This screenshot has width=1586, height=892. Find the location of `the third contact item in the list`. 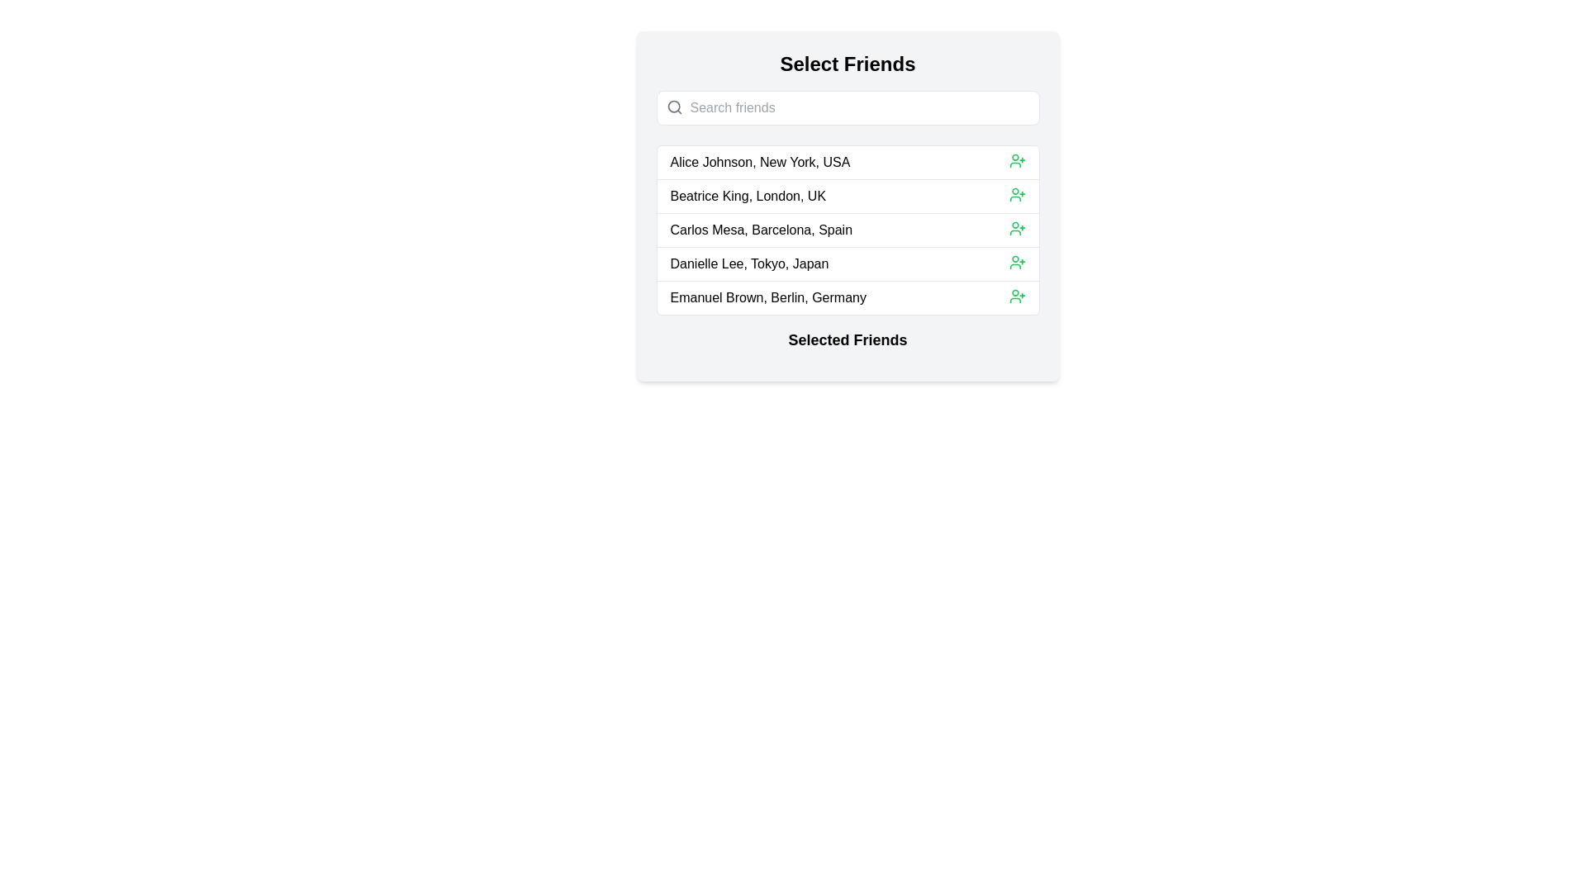

the third contact item in the list is located at coordinates (848, 230).